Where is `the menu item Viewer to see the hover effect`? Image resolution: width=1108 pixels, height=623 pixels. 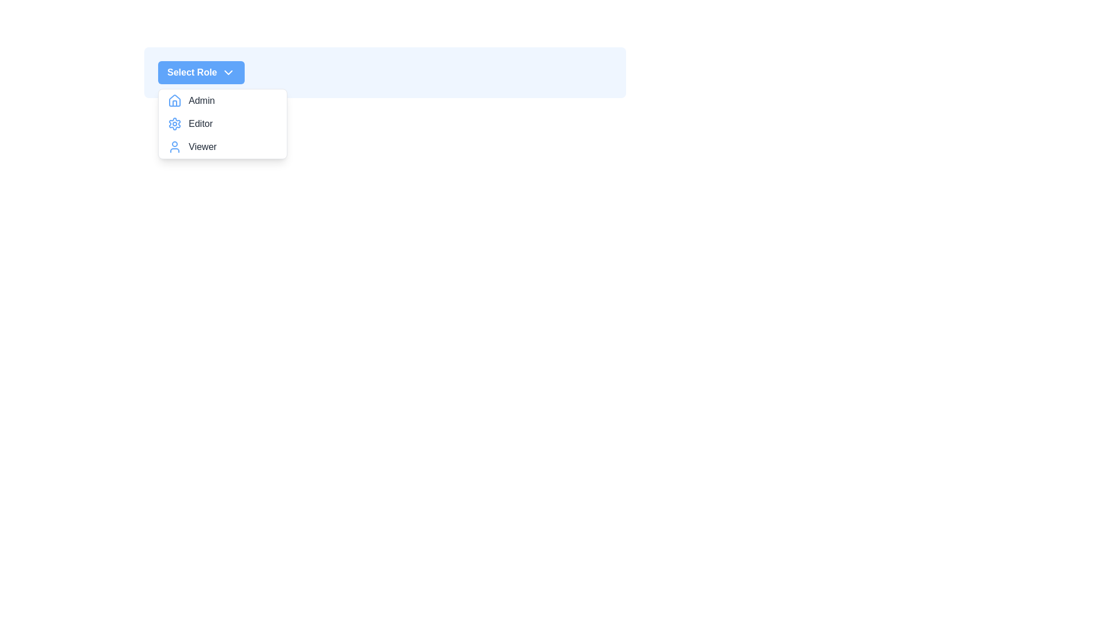
the menu item Viewer to see the hover effect is located at coordinates (222, 146).